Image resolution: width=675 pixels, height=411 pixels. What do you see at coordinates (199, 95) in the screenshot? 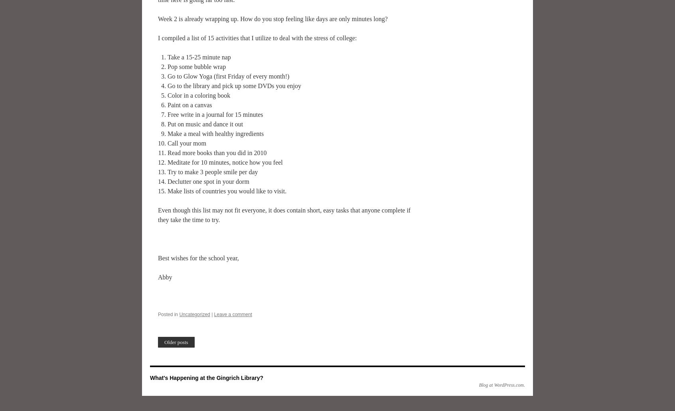
I see `'Color in a coloring book'` at bounding box center [199, 95].